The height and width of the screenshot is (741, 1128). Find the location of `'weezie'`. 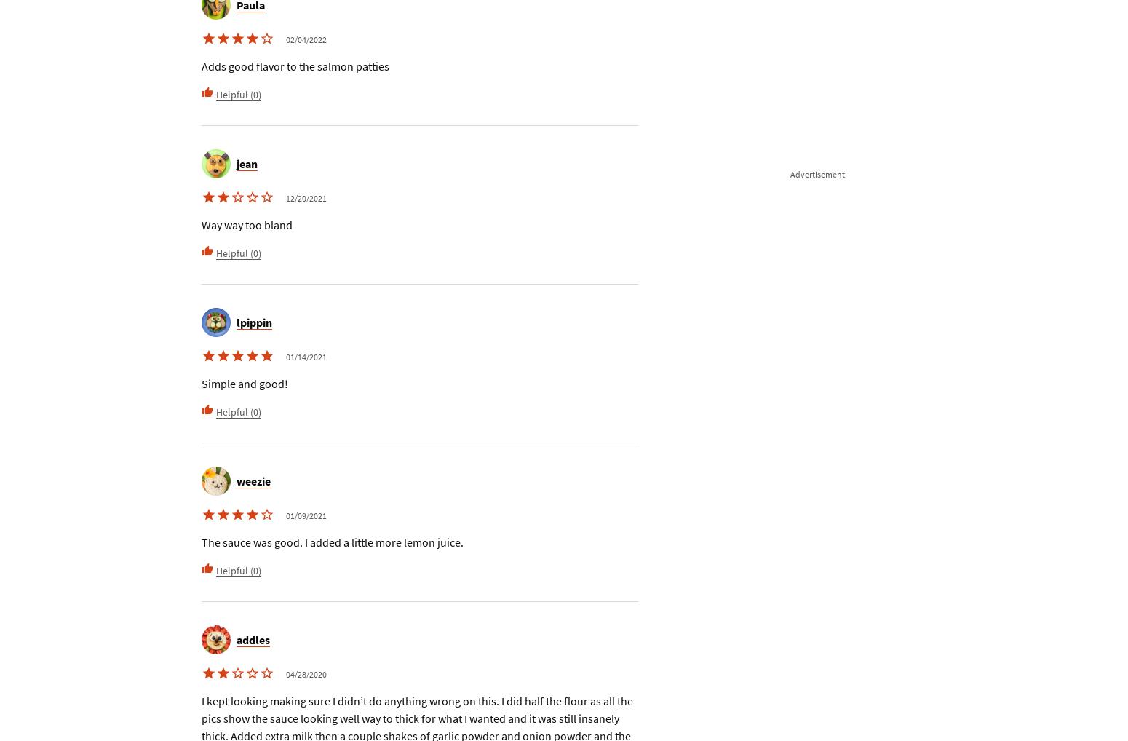

'weezie' is located at coordinates (236, 480).